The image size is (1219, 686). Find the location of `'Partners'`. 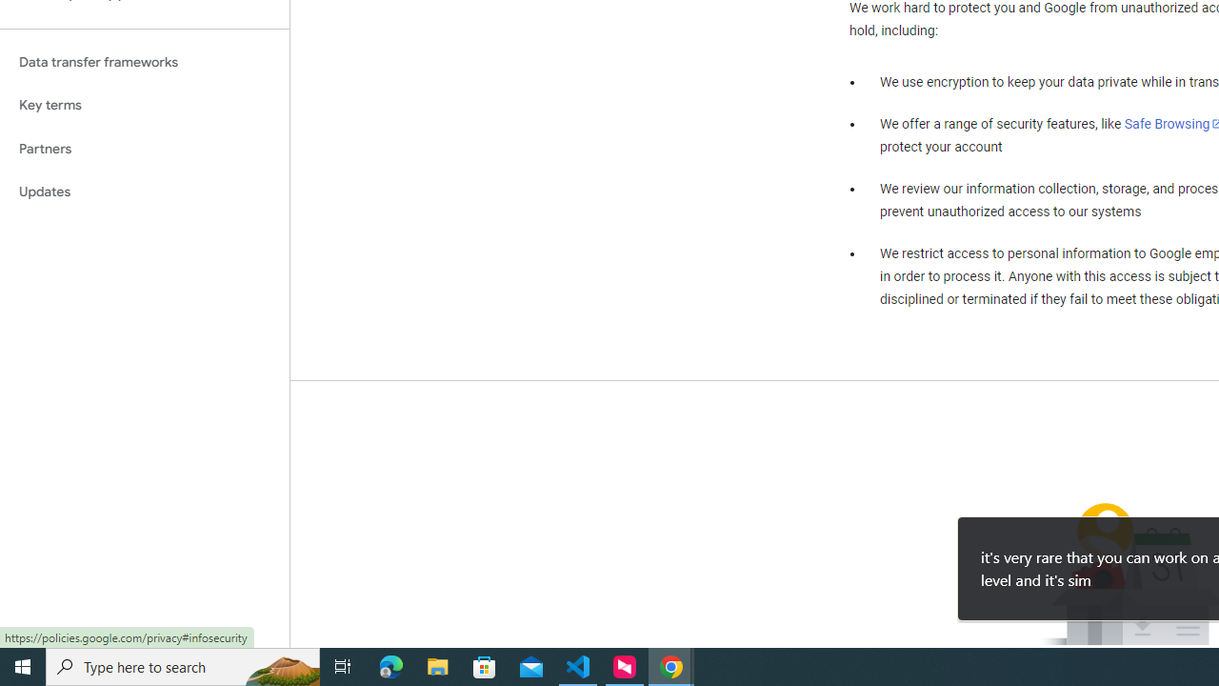

'Partners' is located at coordinates (144, 148).